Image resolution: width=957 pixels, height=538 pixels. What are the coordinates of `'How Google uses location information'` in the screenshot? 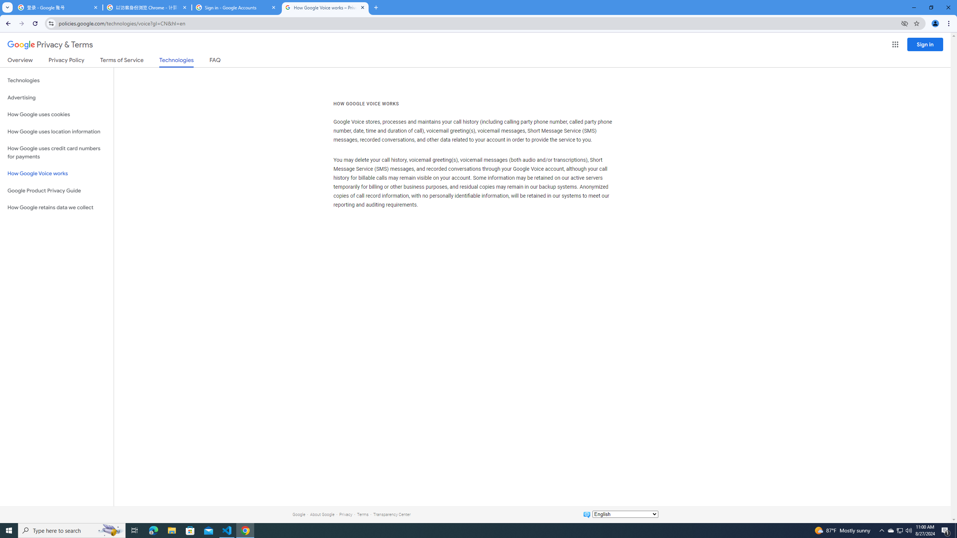 It's located at (56, 132).